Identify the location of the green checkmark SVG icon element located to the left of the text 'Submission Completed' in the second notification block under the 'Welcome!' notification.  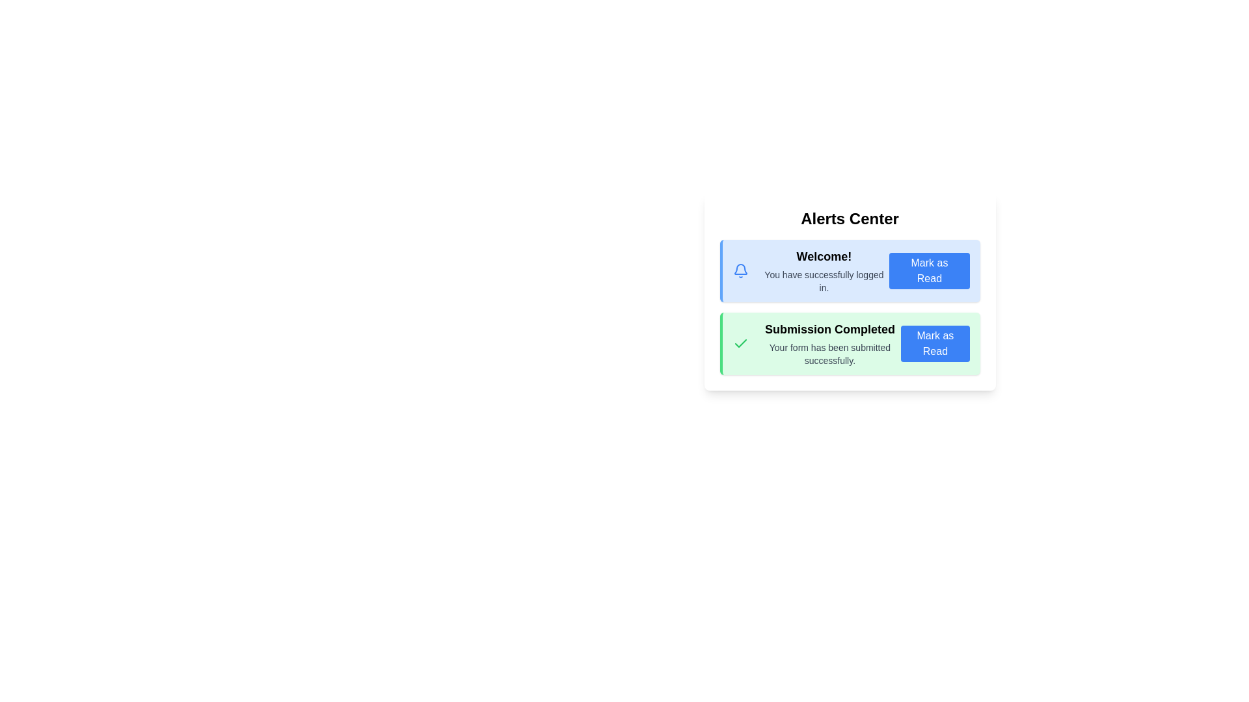
(740, 343).